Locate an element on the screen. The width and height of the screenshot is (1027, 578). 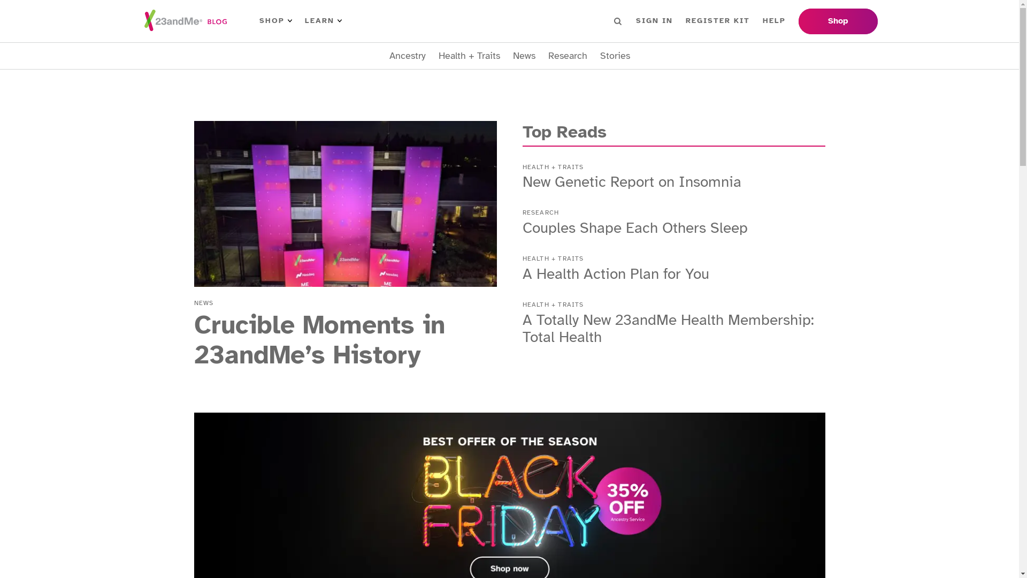
'A Totally New 23andMe Health Membership: Total Health' is located at coordinates (667, 328).